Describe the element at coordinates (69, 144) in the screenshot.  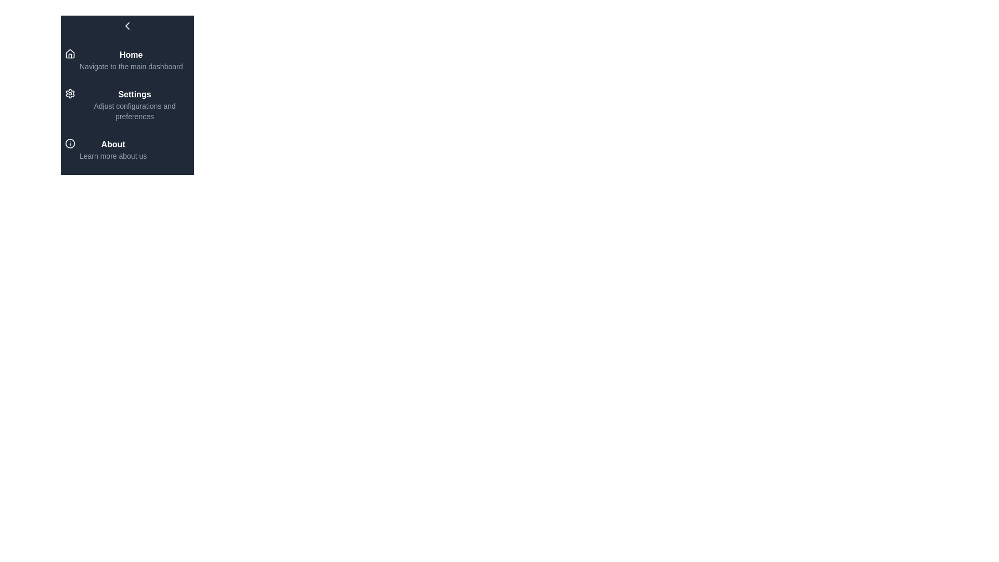
I see `the icon corresponding to About in the SidebarMenu` at that location.